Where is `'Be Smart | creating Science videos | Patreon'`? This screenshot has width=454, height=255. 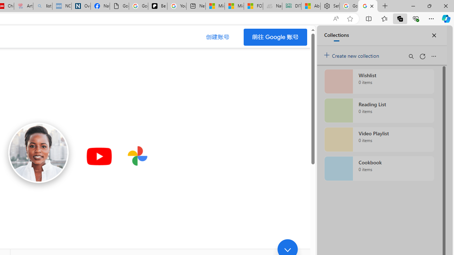 'Be Smart | creating Science videos | Patreon' is located at coordinates (157, 6).